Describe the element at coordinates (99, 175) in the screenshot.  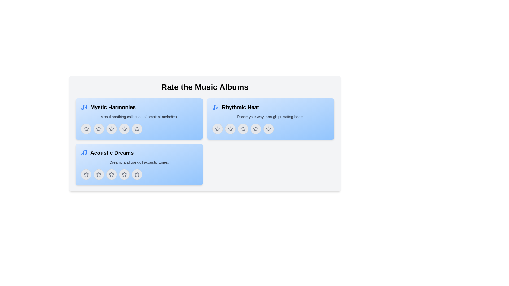
I see `the second star icon button with a circular shape and a star icon in the rating section under the music album 'Acoustic Dreams'` at that location.